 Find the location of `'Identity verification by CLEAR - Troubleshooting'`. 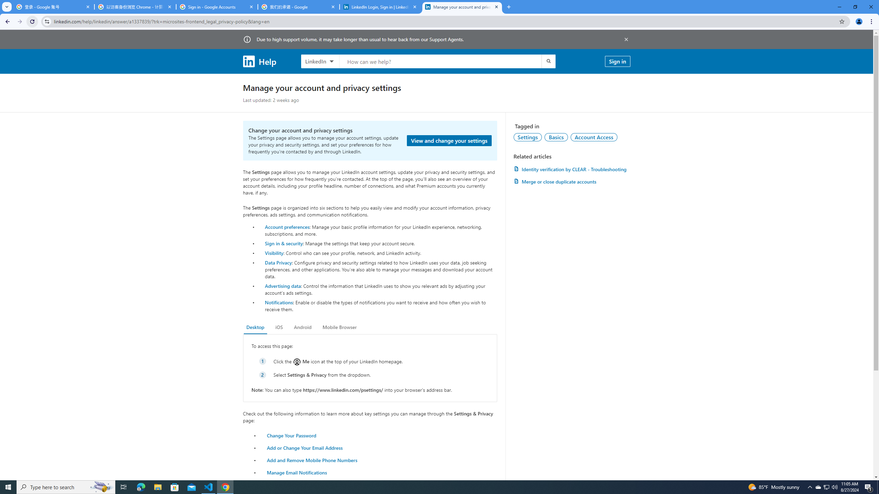

'Identity verification by CLEAR - Troubleshooting' is located at coordinates (571, 169).